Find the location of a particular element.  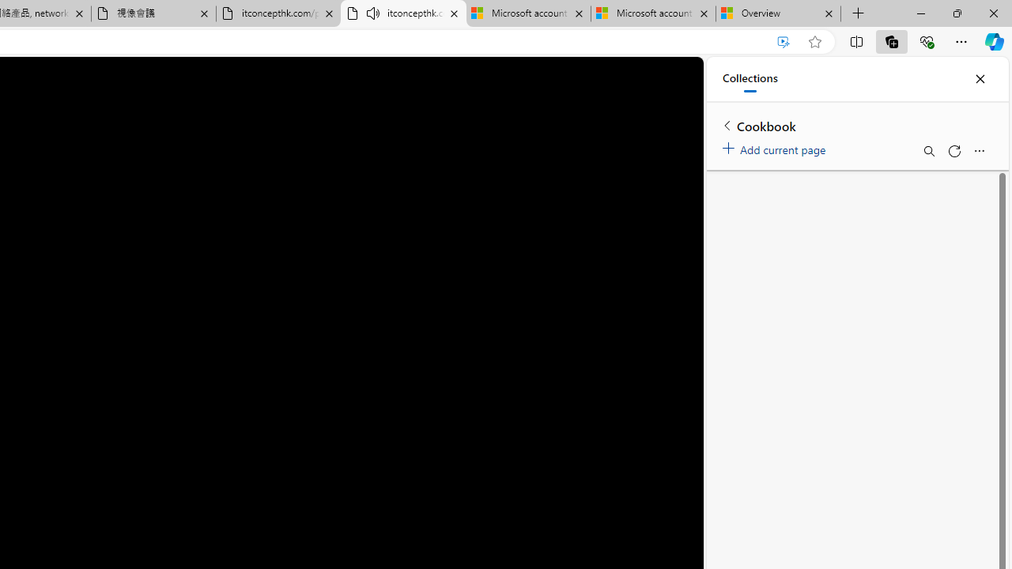

'Add current page' is located at coordinates (777, 147).